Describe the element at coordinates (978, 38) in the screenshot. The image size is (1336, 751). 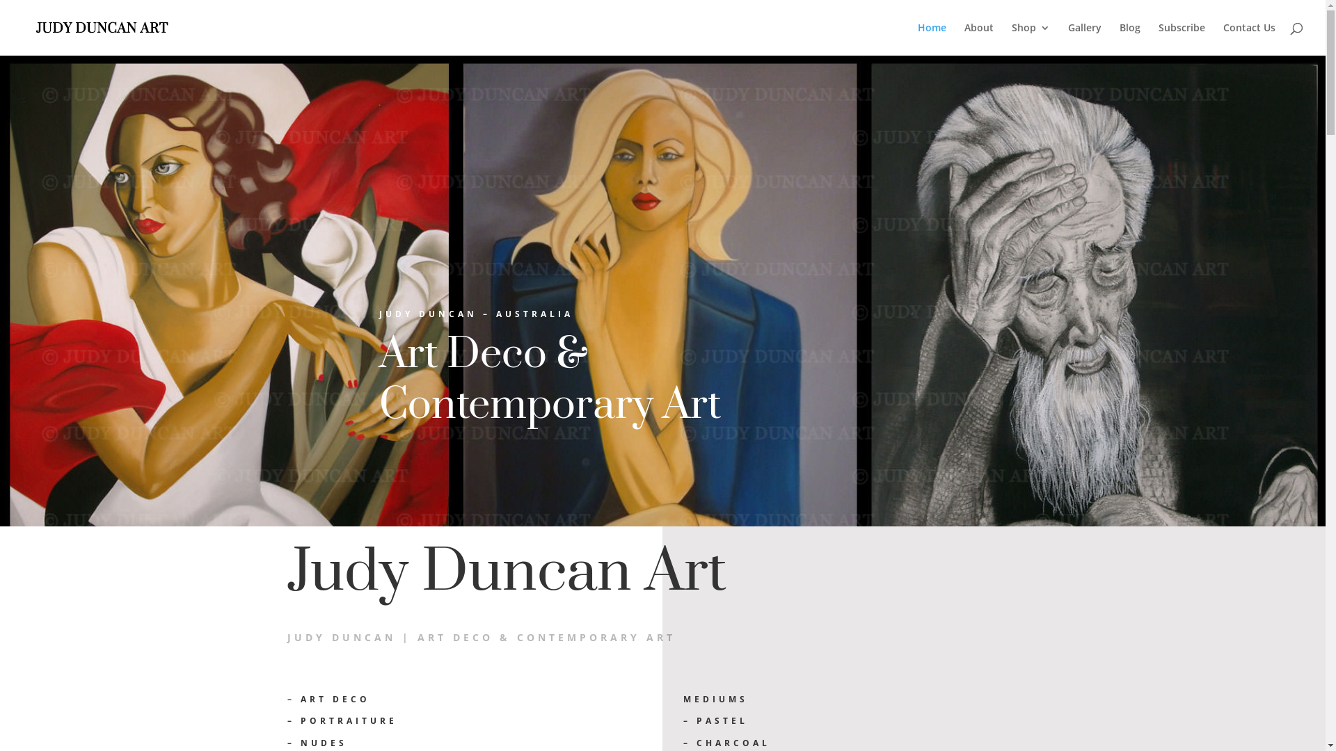
I see `'About'` at that location.